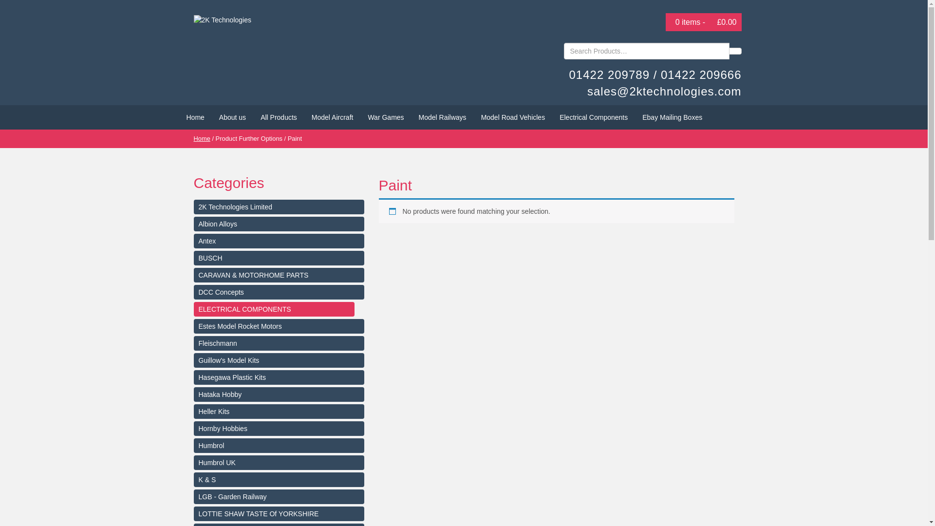 This screenshot has width=935, height=526. What do you see at coordinates (332, 116) in the screenshot?
I see `'Model Aircraft'` at bounding box center [332, 116].